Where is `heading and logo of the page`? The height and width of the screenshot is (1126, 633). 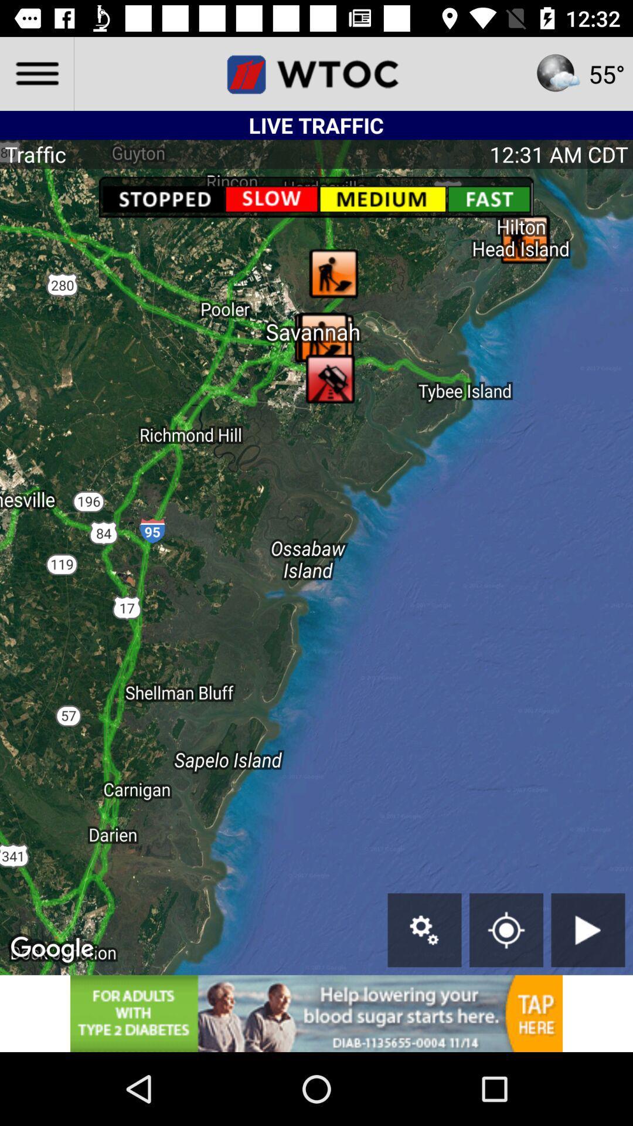
heading and logo of the page is located at coordinates (316, 73).